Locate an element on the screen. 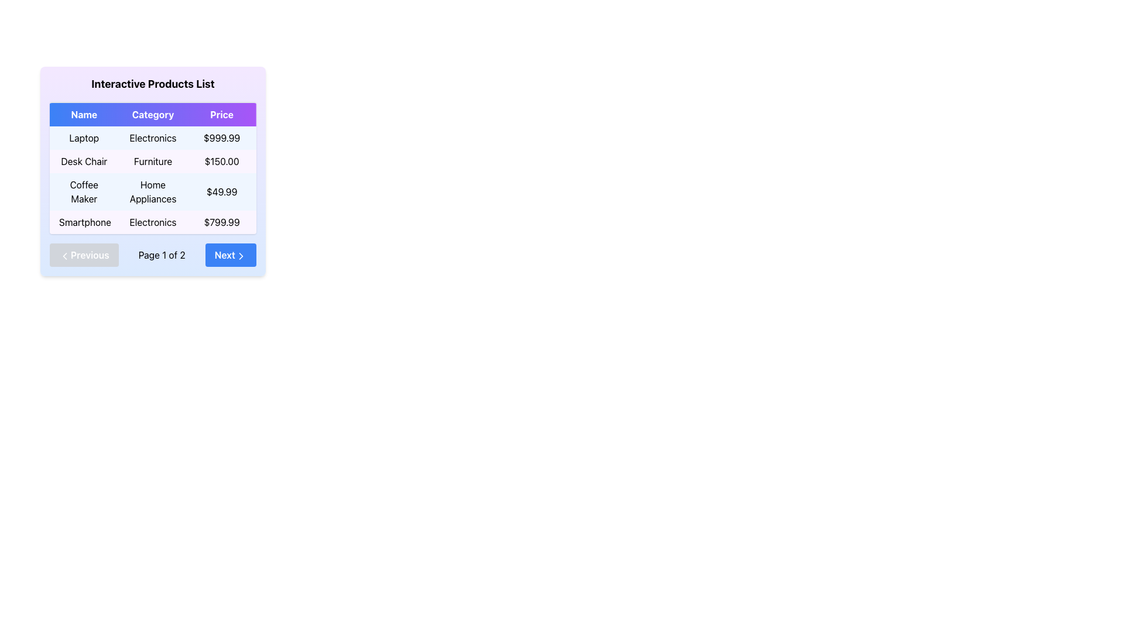  text from the price label of the 'Coffee Maker' product located in the third row of the 'Price' column in the table under 'Home Appliances' is located at coordinates (222, 191).